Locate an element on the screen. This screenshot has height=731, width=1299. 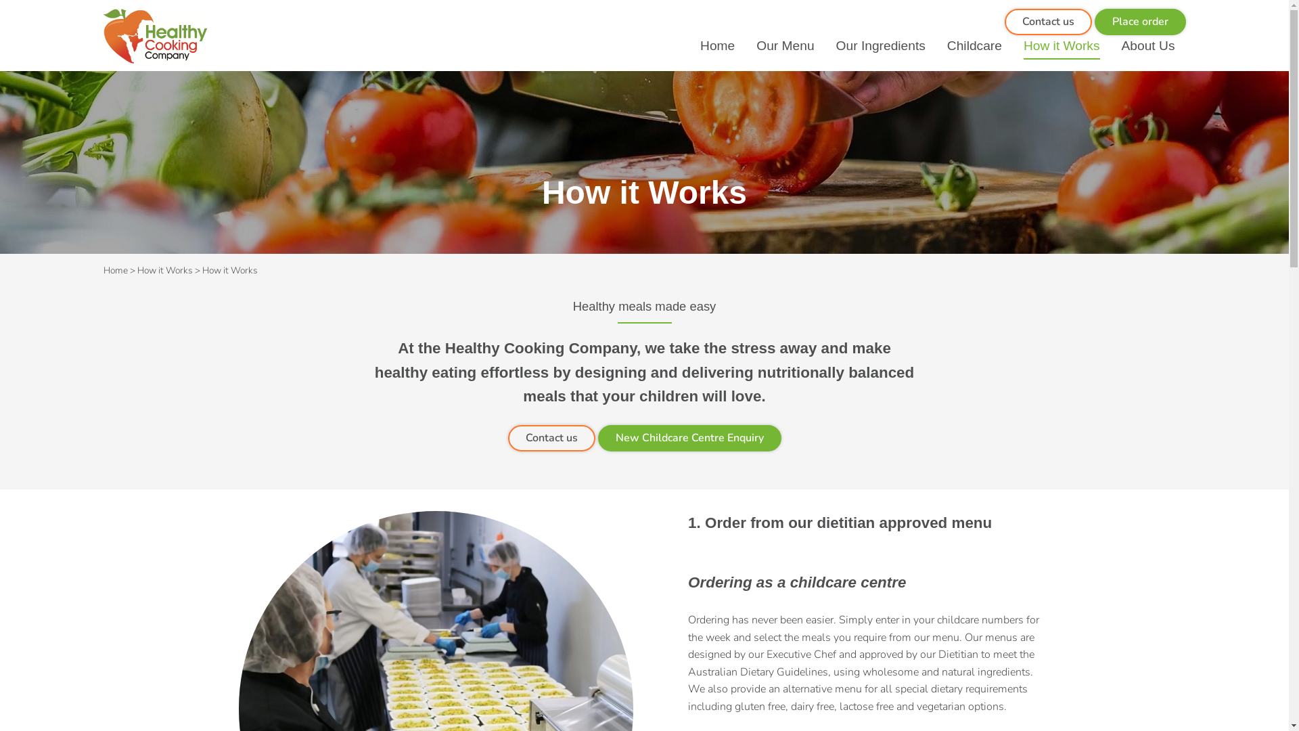
'Childcare' is located at coordinates (974, 45).